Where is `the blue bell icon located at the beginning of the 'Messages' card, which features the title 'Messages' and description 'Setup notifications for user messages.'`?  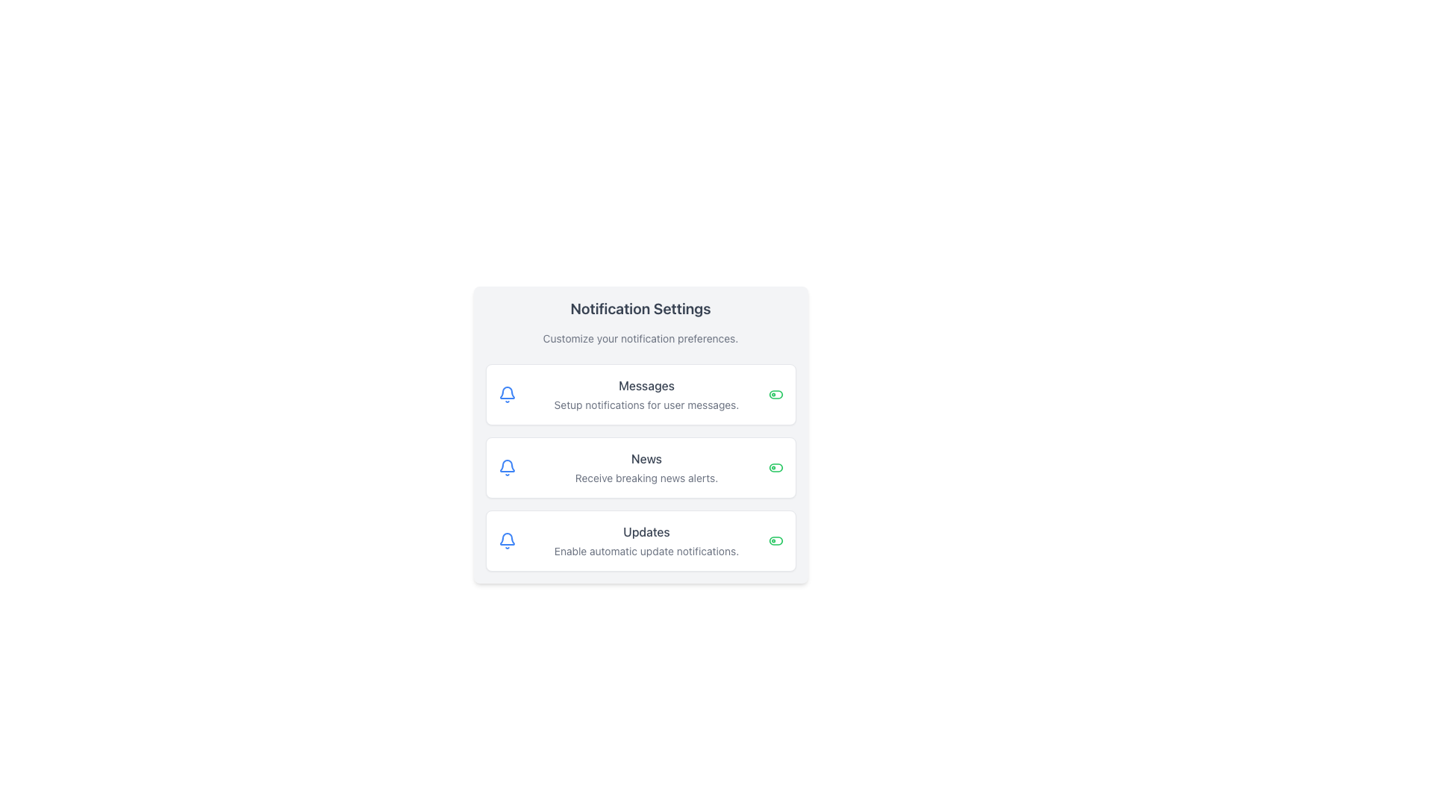
the blue bell icon located at the beginning of the 'Messages' card, which features the title 'Messages' and description 'Setup notifications for user messages.' is located at coordinates (507, 393).